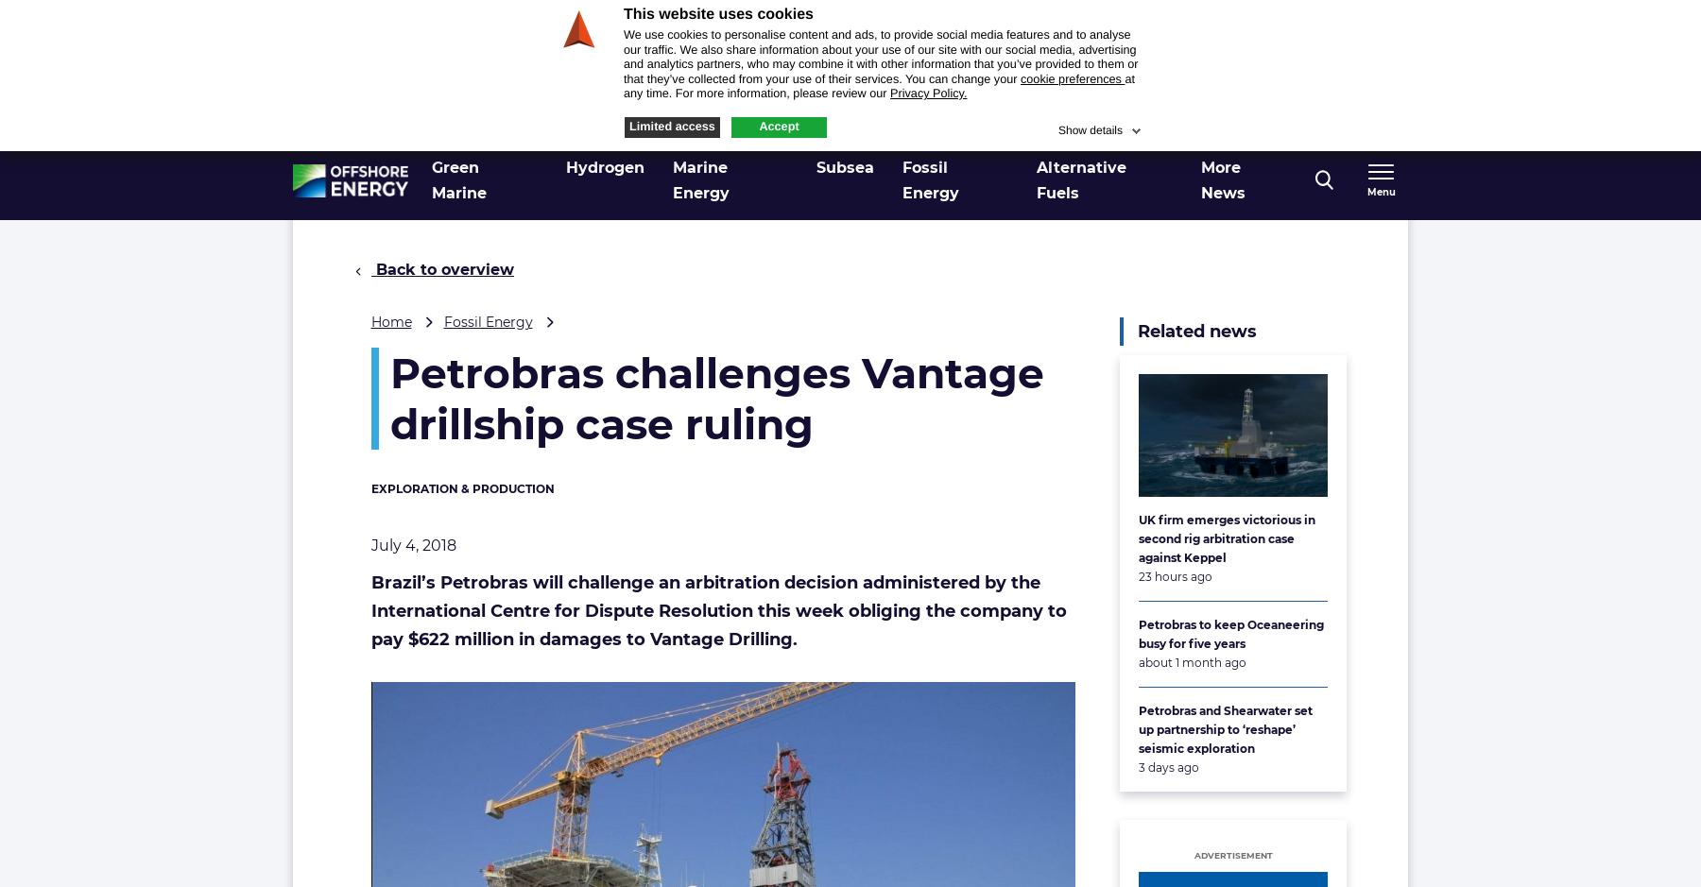 Image resolution: width=1701 pixels, height=887 pixels. Describe the element at coordinates (699, 179) in the screenshot. I see `'Marine Energy'` at that location.